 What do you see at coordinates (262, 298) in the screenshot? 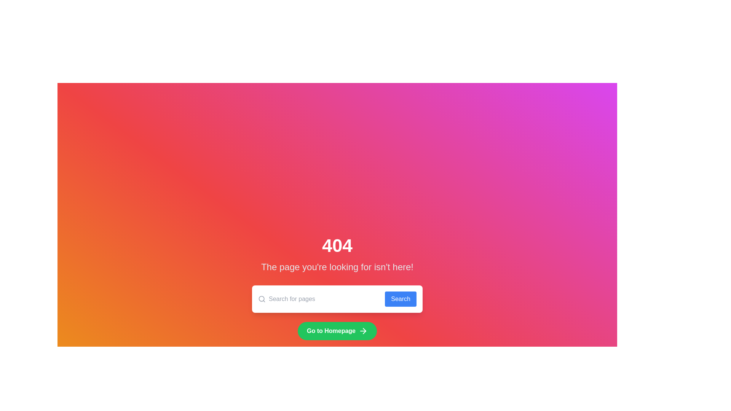
I see `the larger circular part of the magnifying glass icon located in the left section of the search bar, next to the placeholder text 'Search for pages'` at bounding box center [262, 298].